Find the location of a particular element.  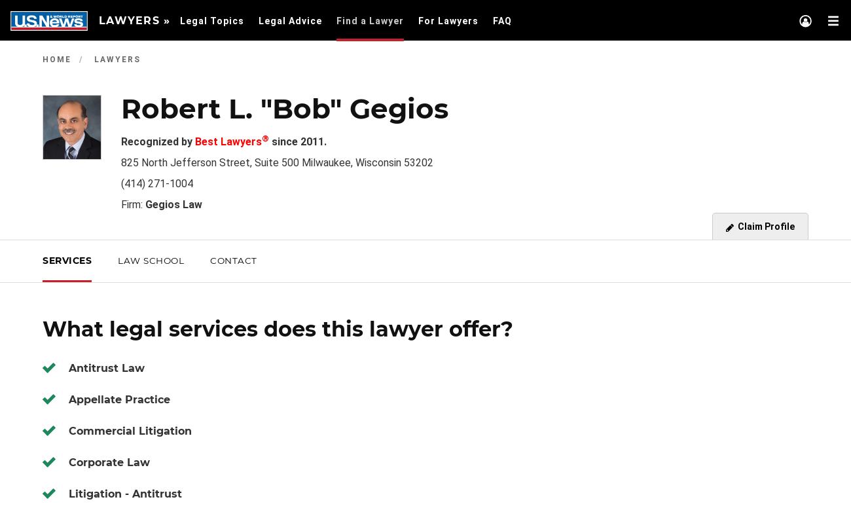

'Antitrust Law' is located at coordinates (106, 367).